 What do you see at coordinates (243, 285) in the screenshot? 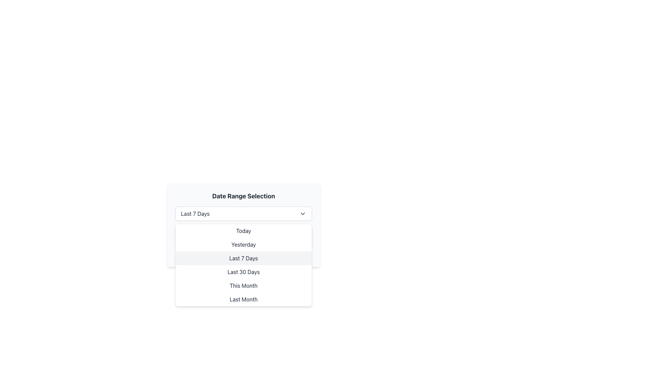
I see `the 'This Month' option in the 'Date Range Selection' dropdown menu` at bounding box center [243, 285].